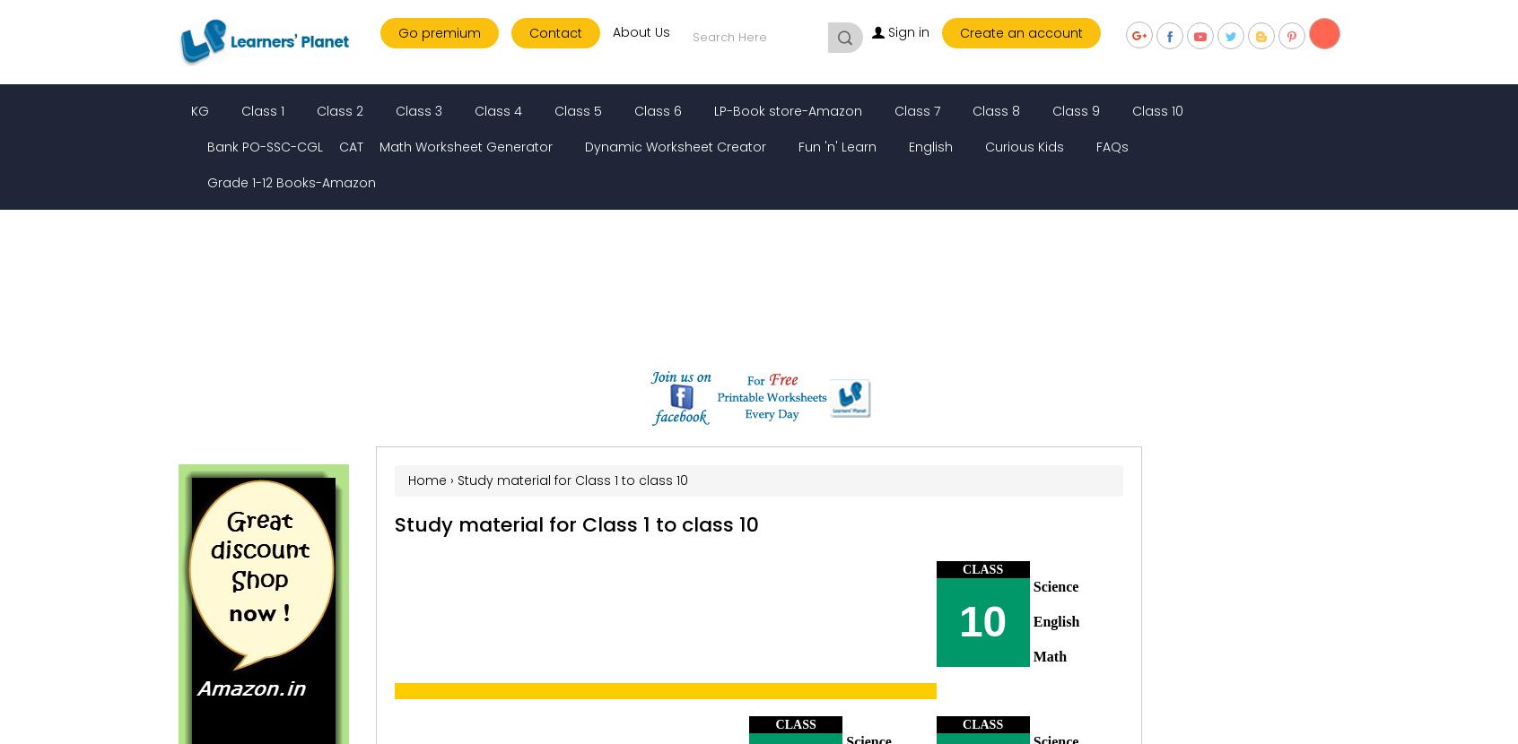 This screenshot has width=1518, height=744. Describe the element at coordinates (916, 111) in the screenshot. I see `'Class 7'` at that location.